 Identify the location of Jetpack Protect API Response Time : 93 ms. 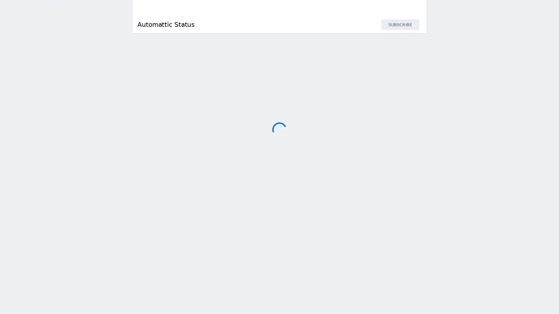
(244, 198).